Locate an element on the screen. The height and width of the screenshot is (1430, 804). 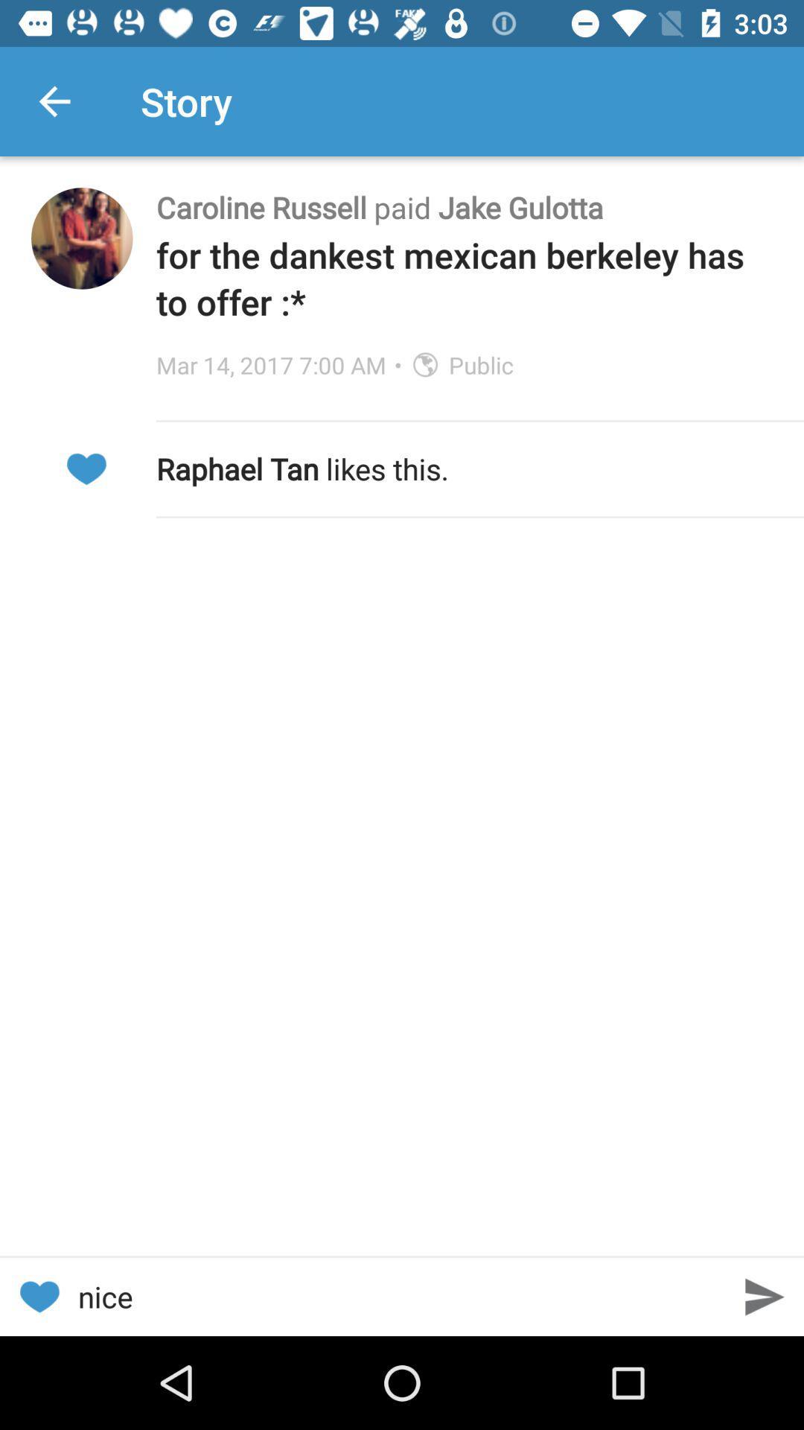
like the page is located at coordinates (38, 1296).